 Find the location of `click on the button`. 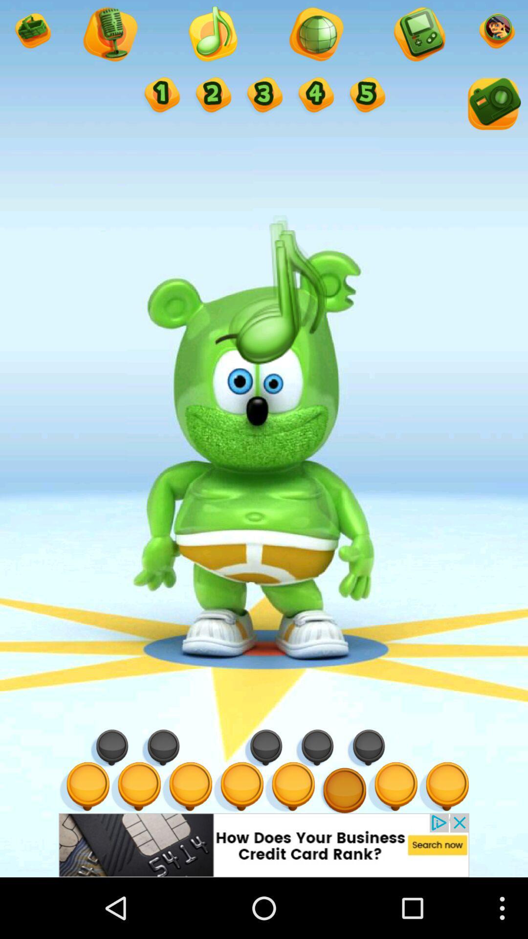

click on the button is located at coordinates (263, 96).